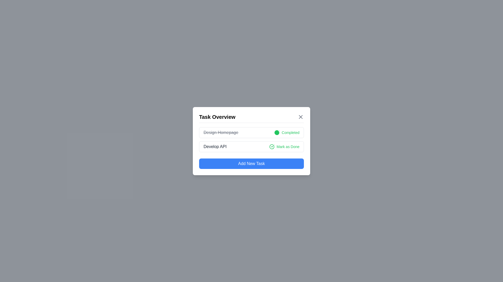 This screenshot has height=282, width=503. Describe the element at coordinates (251, 163) in the screenshot. I see `the 'Add New Task' button located at the bottom of the task list in the modal box` at that location.